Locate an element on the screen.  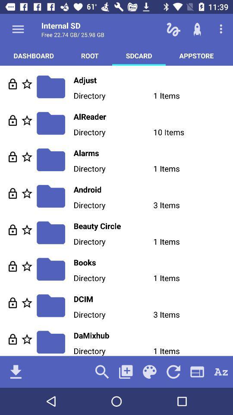
this to the starred list is located at coordinates (27, 156).